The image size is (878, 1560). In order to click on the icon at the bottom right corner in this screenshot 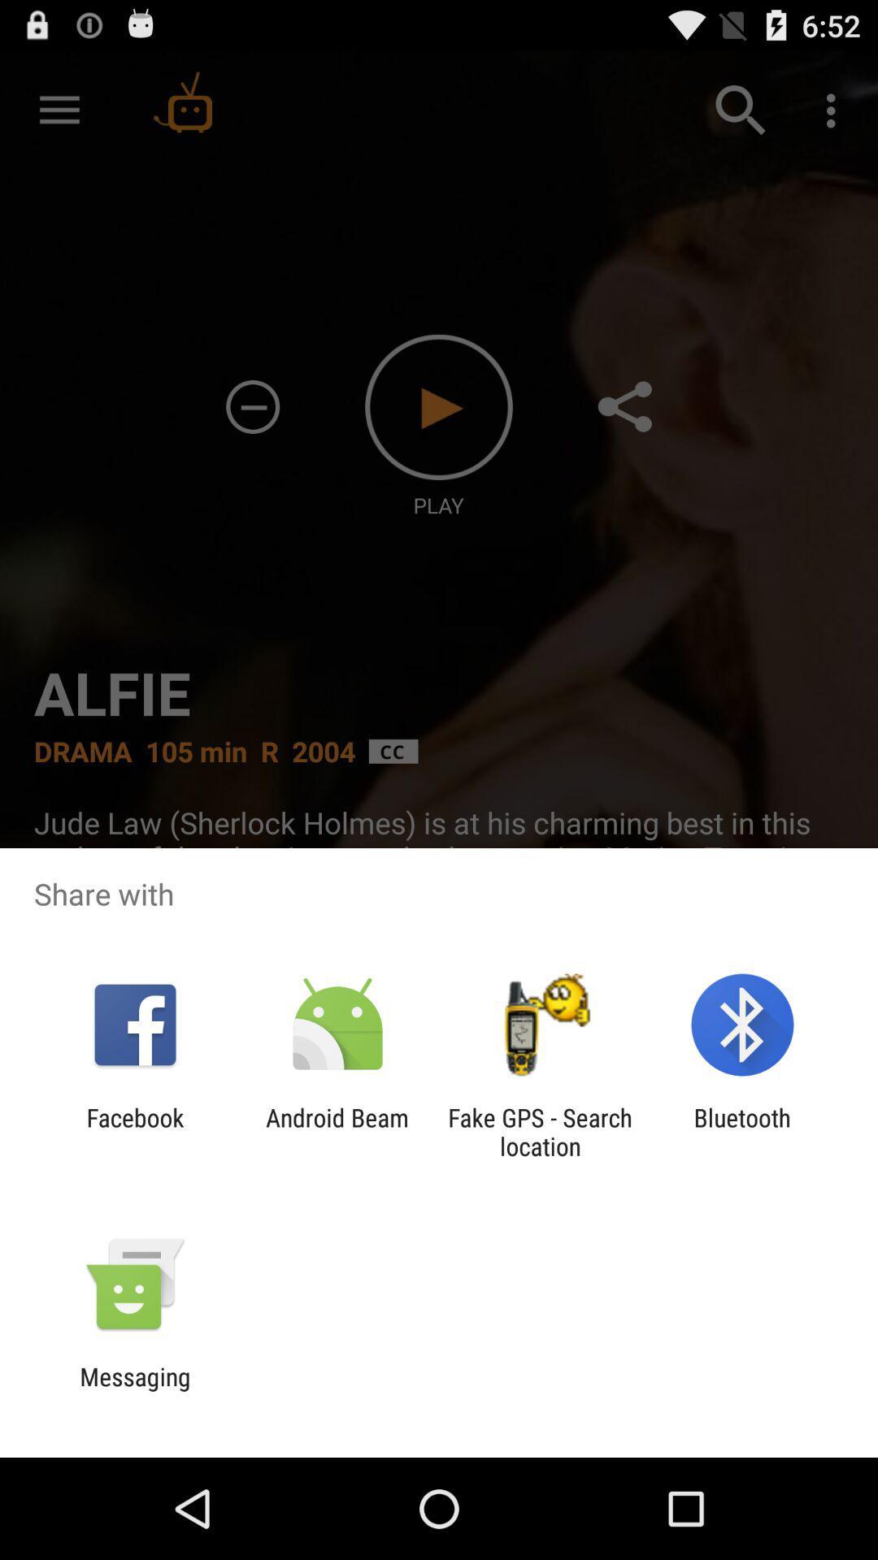, I will do `click(742, 1131)`.